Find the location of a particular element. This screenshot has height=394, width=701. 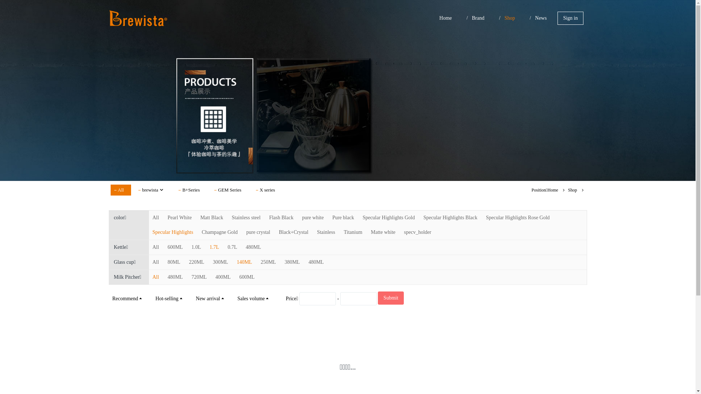

'B+Series' is located at coordinates (191, 189).